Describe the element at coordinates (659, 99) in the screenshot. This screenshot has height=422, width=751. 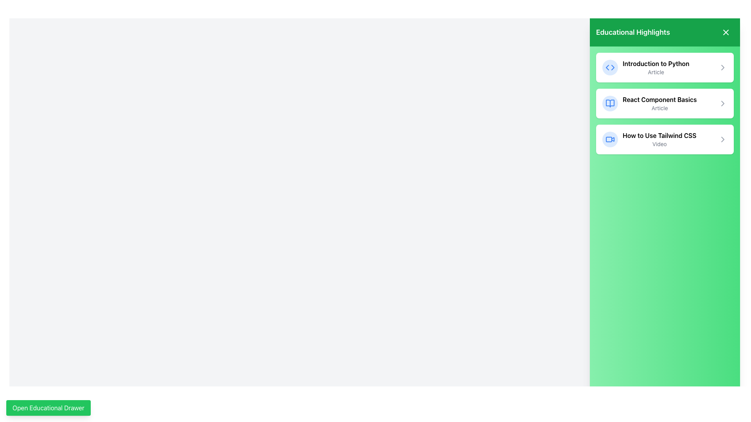
I see `the text label that reads 'React Component Basics' located in the second item of the sidebar titled 'Educational Highlights'` at that location.